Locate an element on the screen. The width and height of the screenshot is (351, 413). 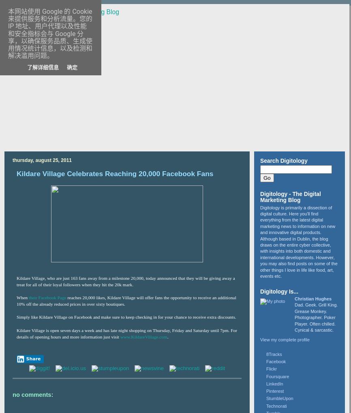
'Technorati' is located at coordinates (276, 406).